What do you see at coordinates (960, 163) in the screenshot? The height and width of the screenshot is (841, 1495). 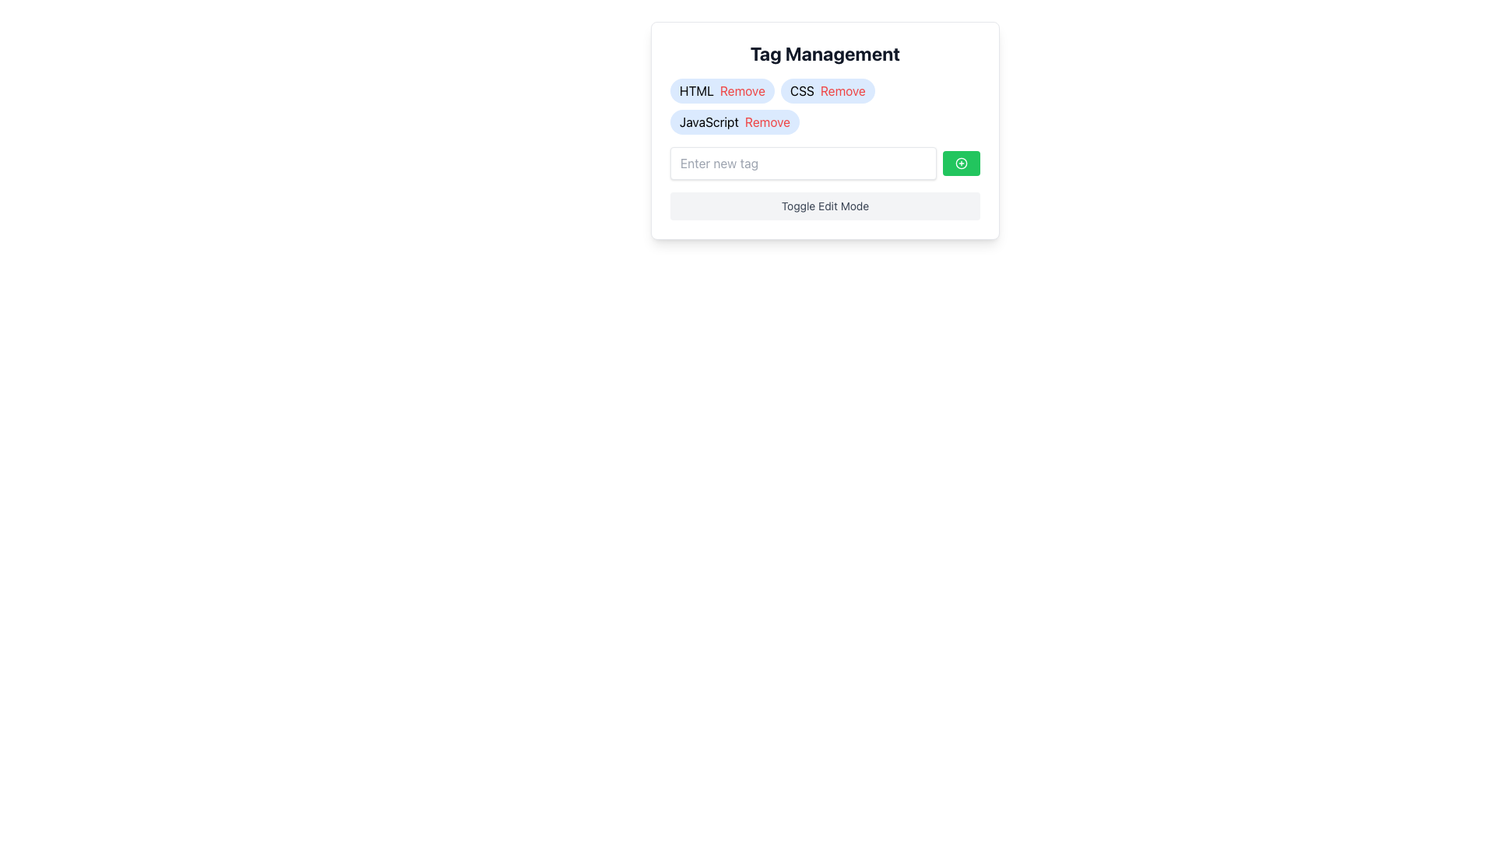 I see `the circular plus icon button with a green background and white plus symbol` at bounding box center [960, 163].